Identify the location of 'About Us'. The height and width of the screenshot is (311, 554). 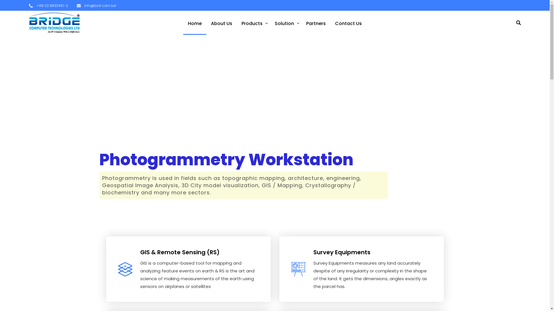
(221, 22).